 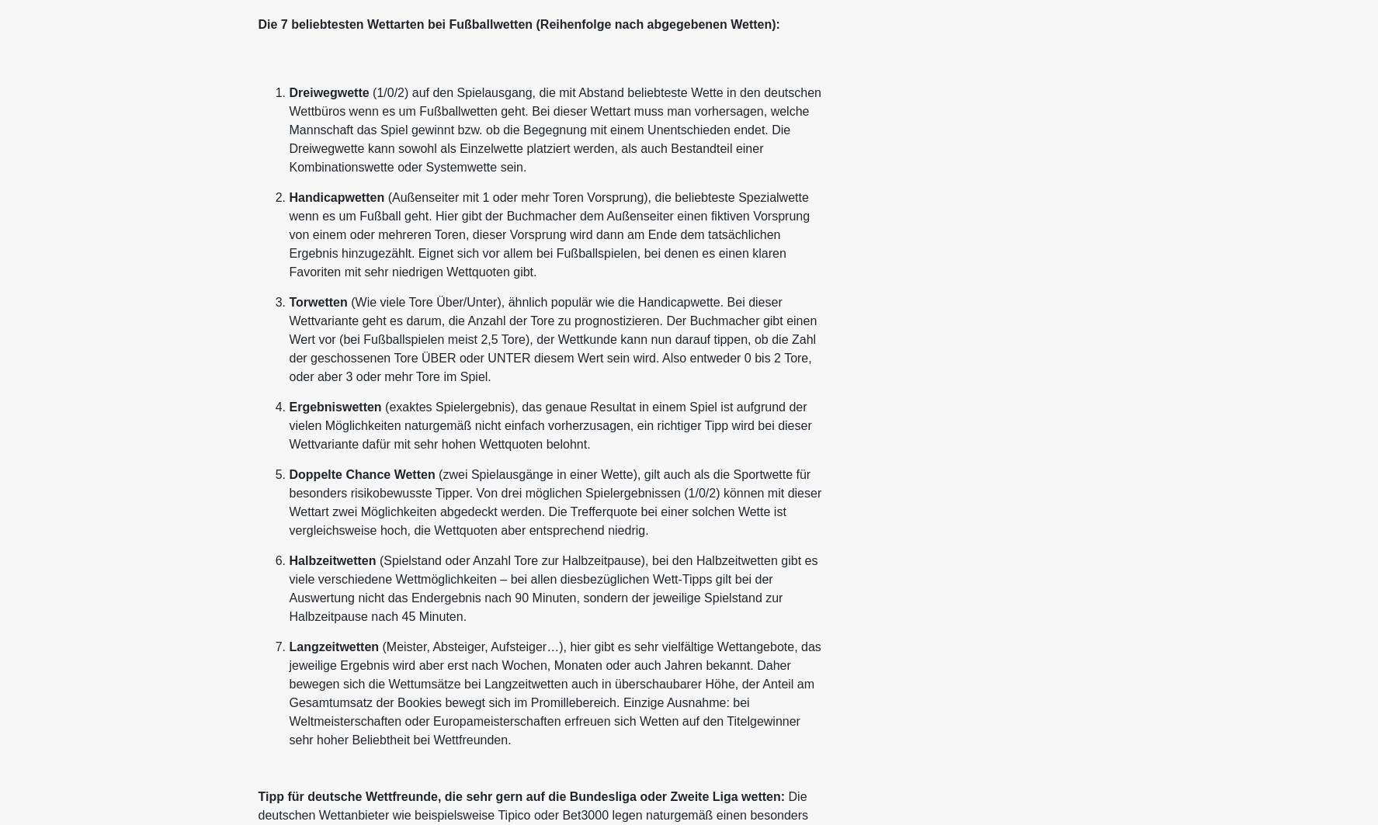 I want to click on '(exaktes Spielergebnis), das genaue Resultat in einem Spiel ist aufgrund der vielen Möglichkeiten naturgemäß nicht einfach vorherzusagen, ein richtiger Tipp wird bei dieser Wettvariante dafür mit sehr hohen Wettquoten belohnt.', so click(x=549, y=425).